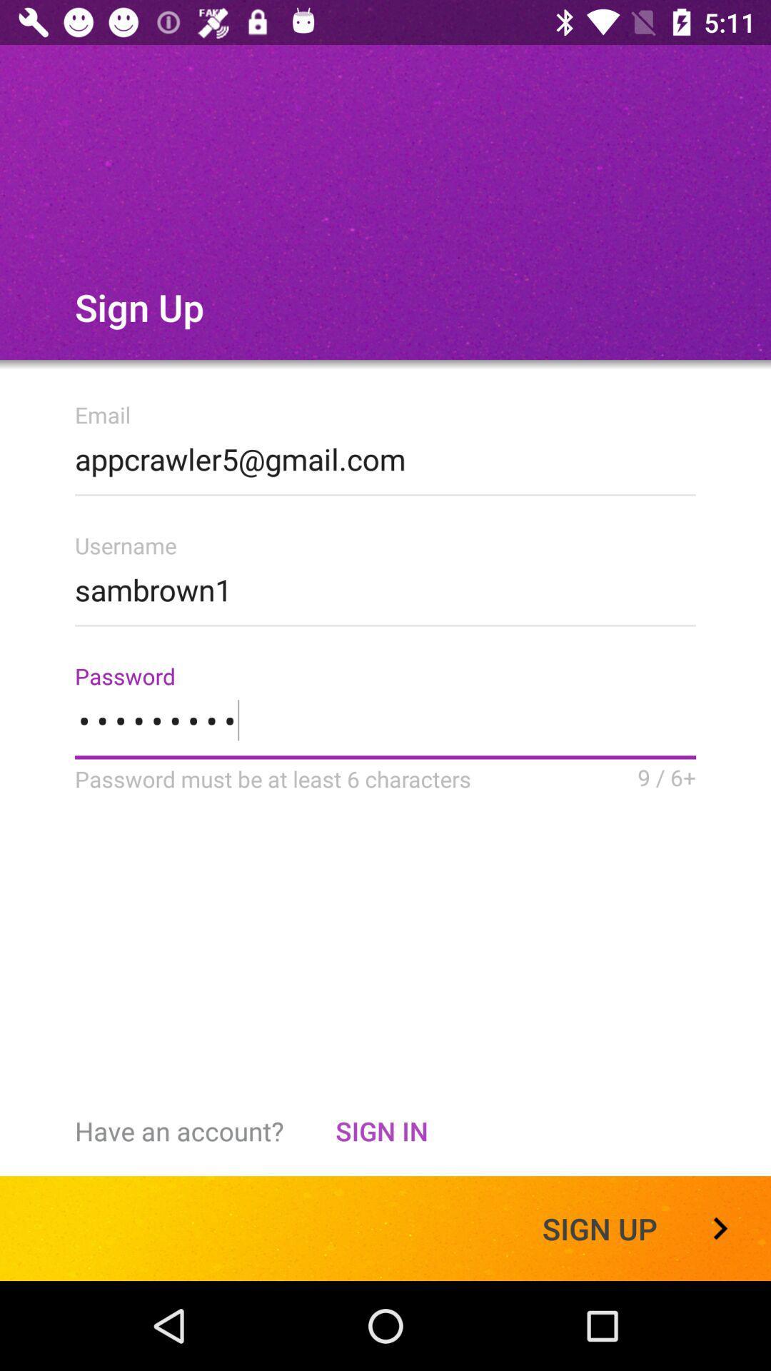 This screenshot has height=1371, width=771. I want to click on item next to the have an account?, so click(381, 1130).